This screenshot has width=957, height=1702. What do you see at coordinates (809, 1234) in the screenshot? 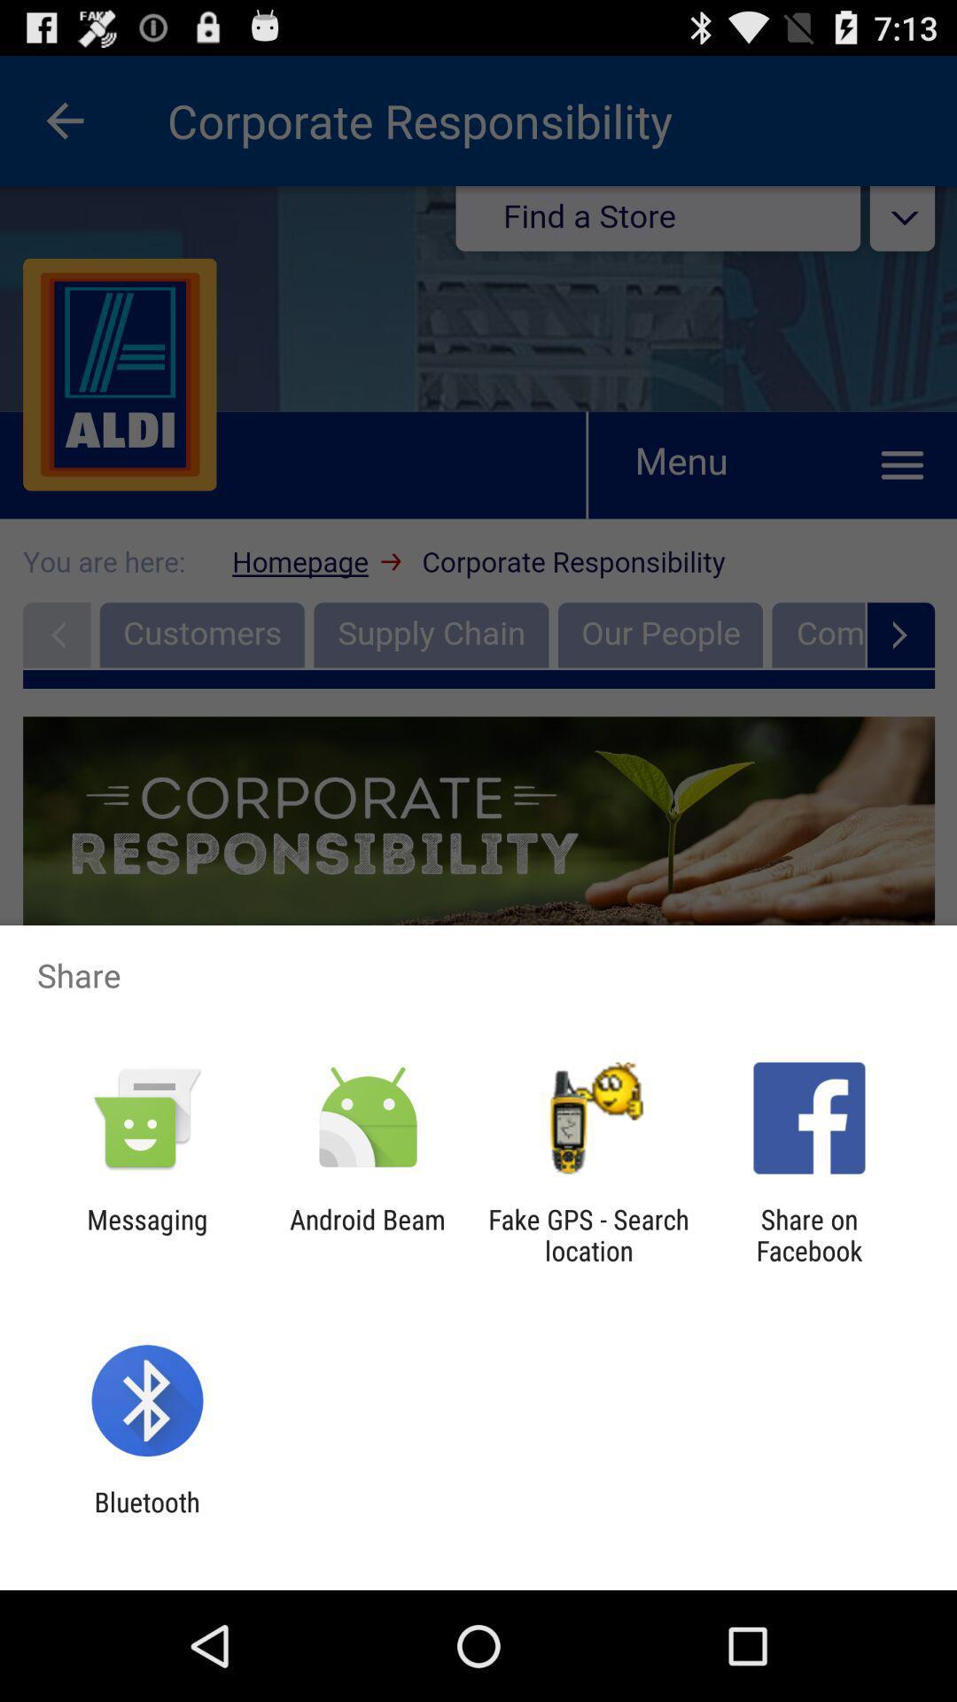
I see `icon at the bottom right corner` at bounding box center [809, 1234].